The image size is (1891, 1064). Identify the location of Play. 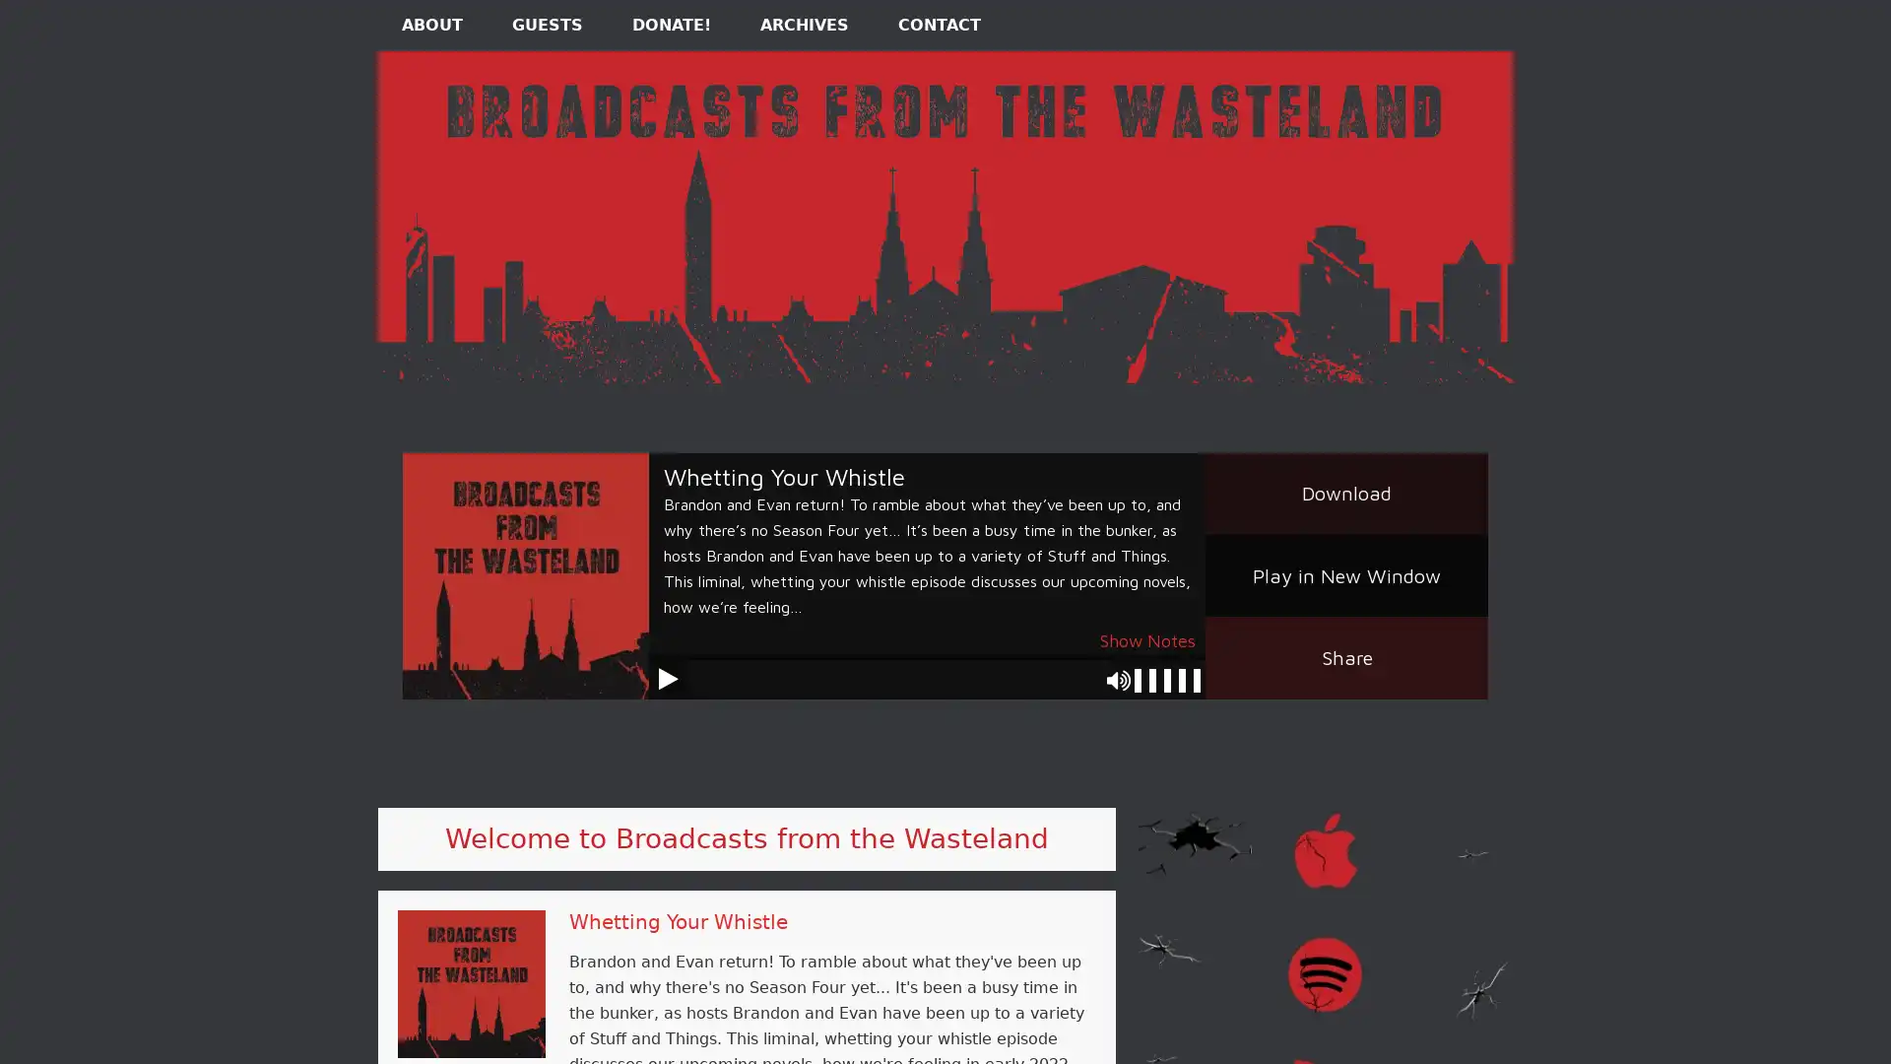
(668, 679).